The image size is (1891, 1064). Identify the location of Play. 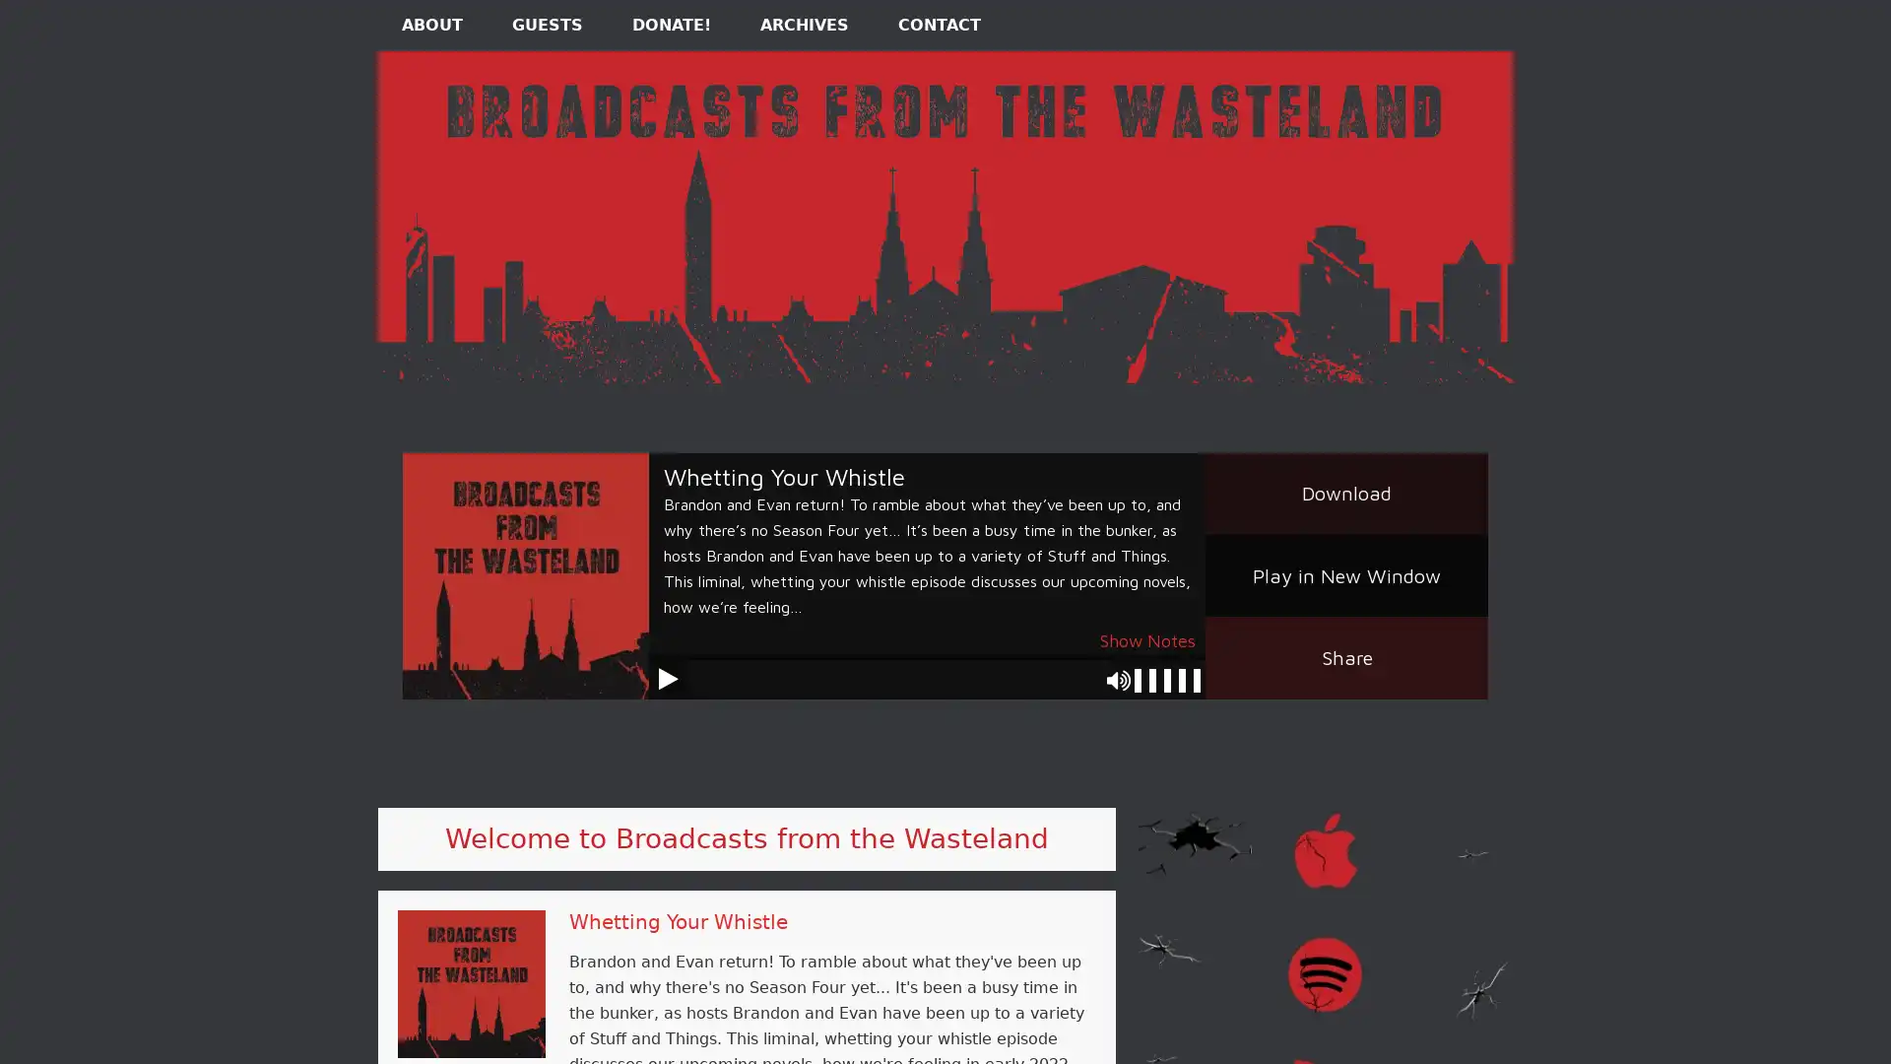
(668, 679).